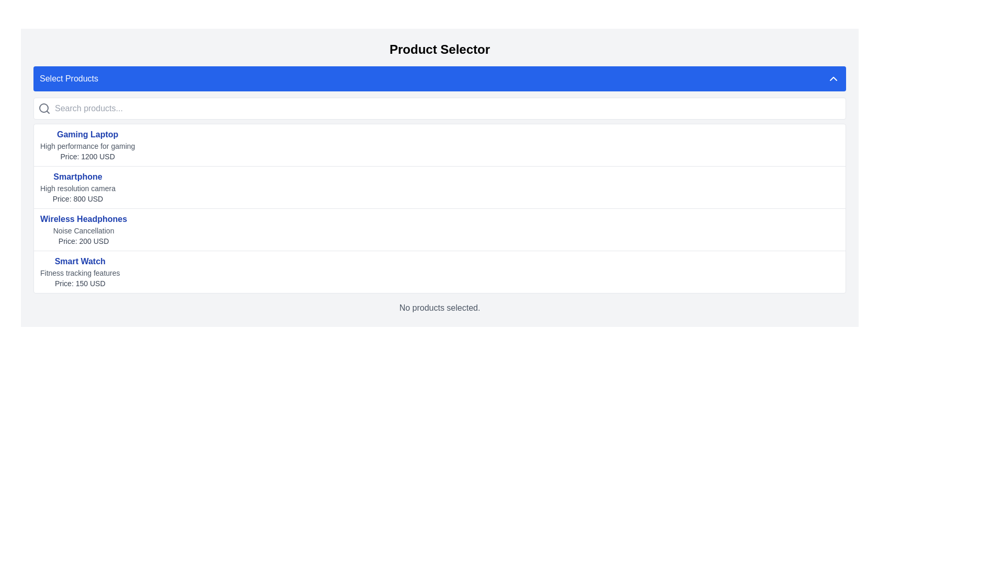 Image resolution: width=1004 pixels, height=564 pixels. What do you see at coordinates (439, 186) in the screenshot?
I see `the second List Item in the product selection interface` at bounding box center [439, 186].